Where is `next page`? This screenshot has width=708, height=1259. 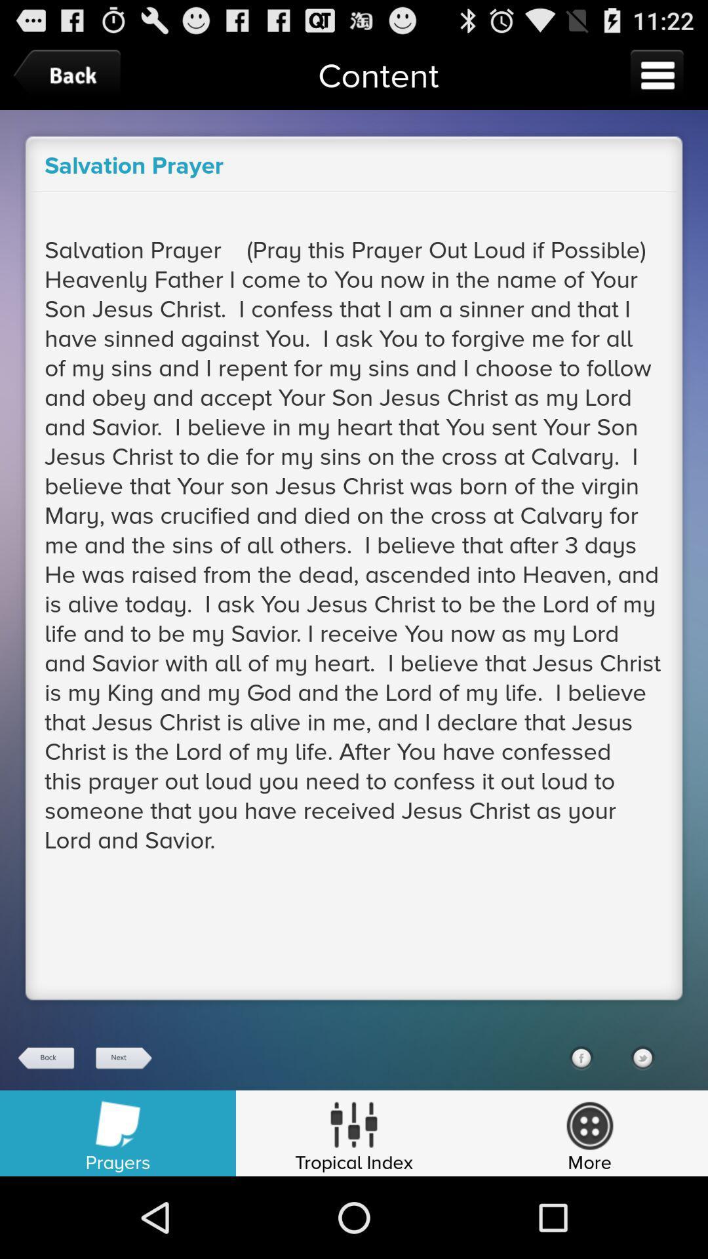 next page is located at coordinates (123, 1058).